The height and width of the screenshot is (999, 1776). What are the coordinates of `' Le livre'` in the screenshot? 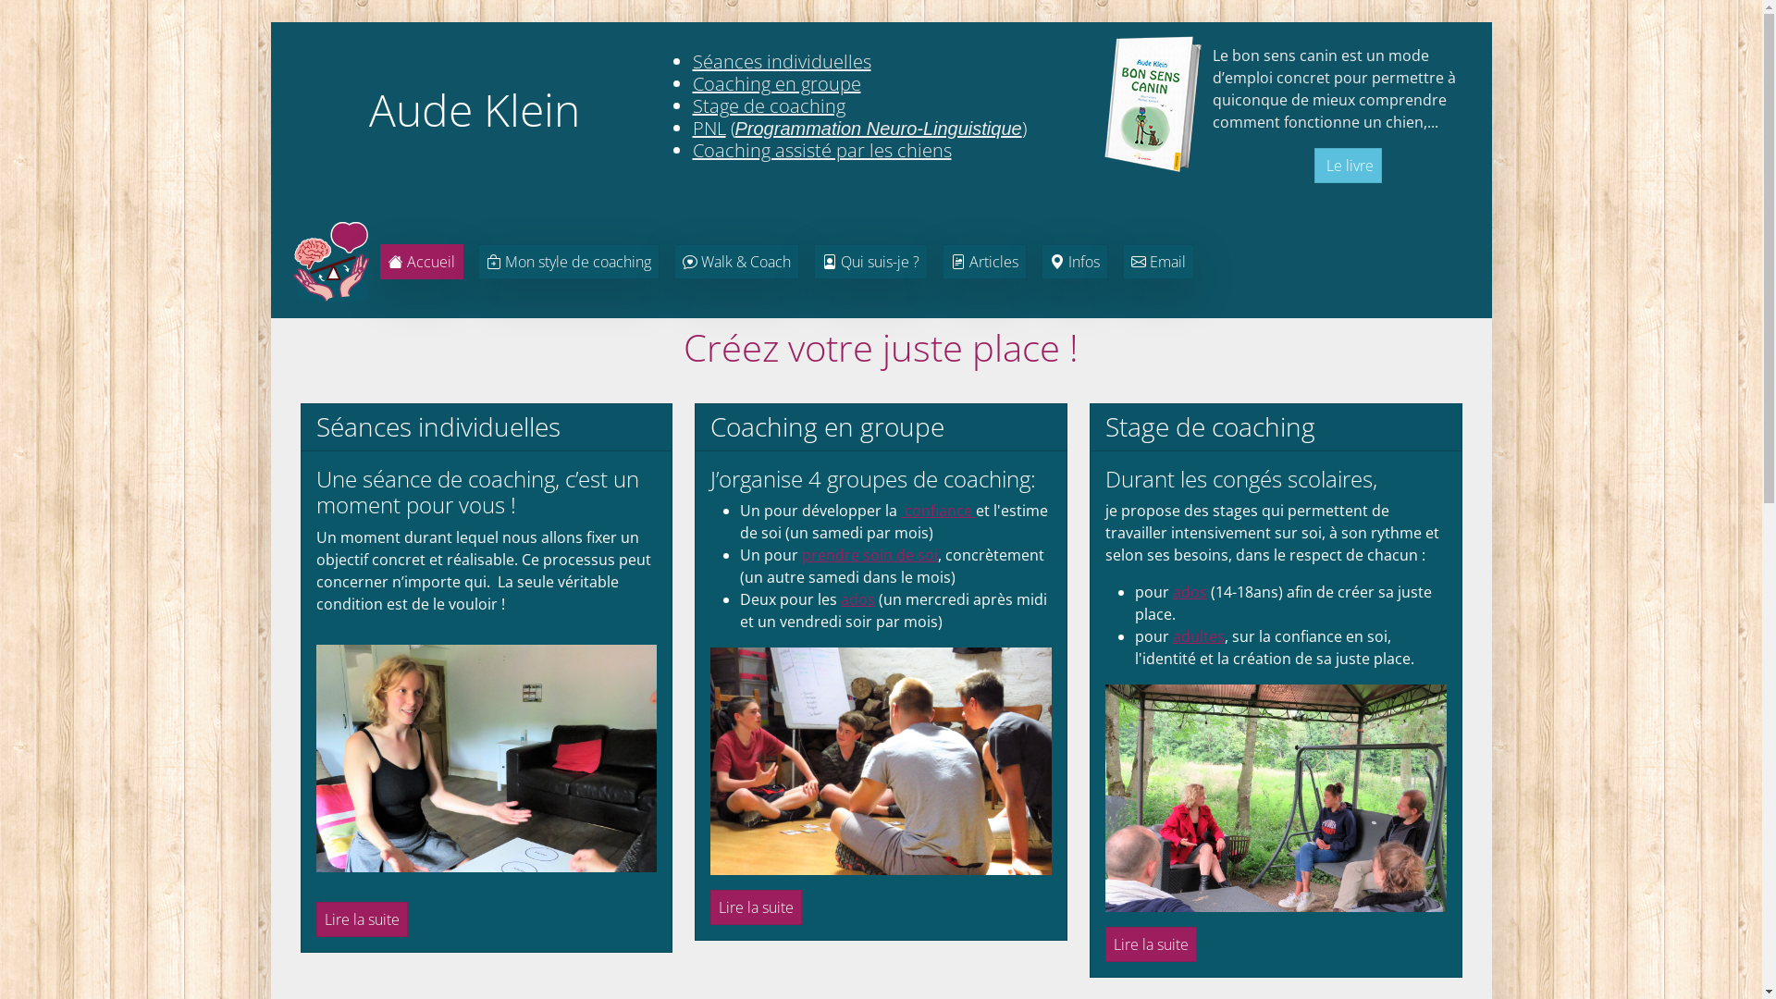 It's located at (1348, 164).